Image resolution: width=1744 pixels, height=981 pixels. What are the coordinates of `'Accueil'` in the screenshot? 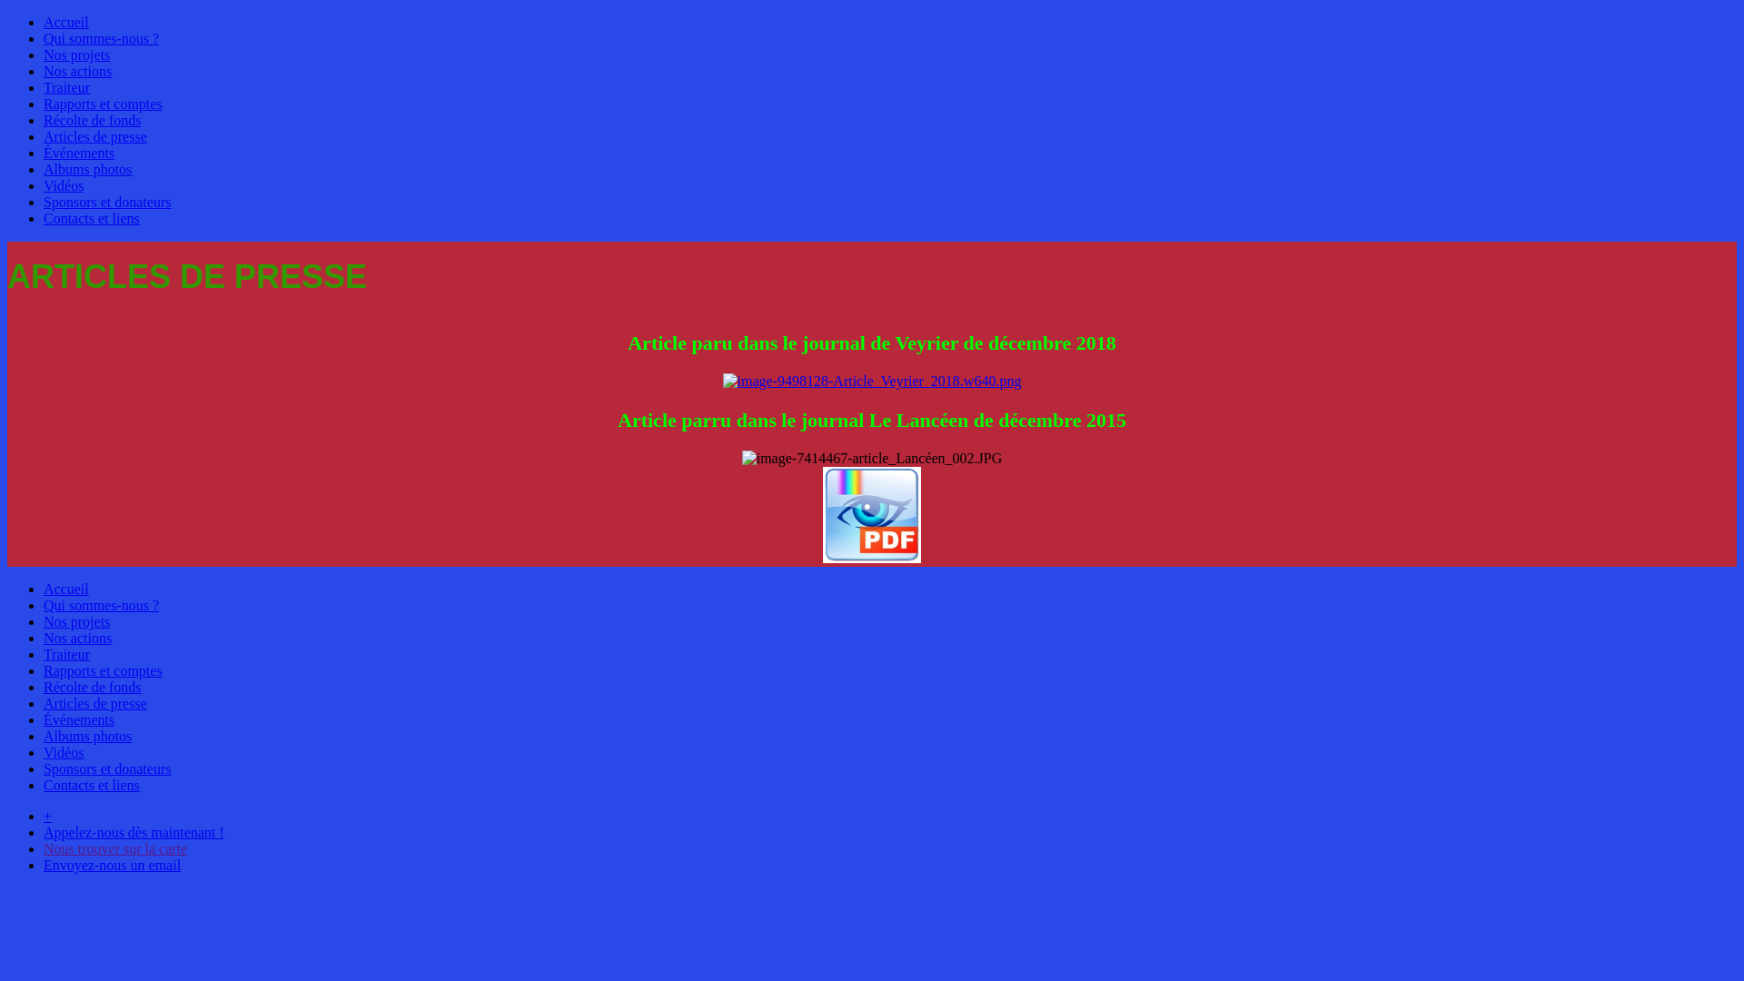 It's located at (65, 589).